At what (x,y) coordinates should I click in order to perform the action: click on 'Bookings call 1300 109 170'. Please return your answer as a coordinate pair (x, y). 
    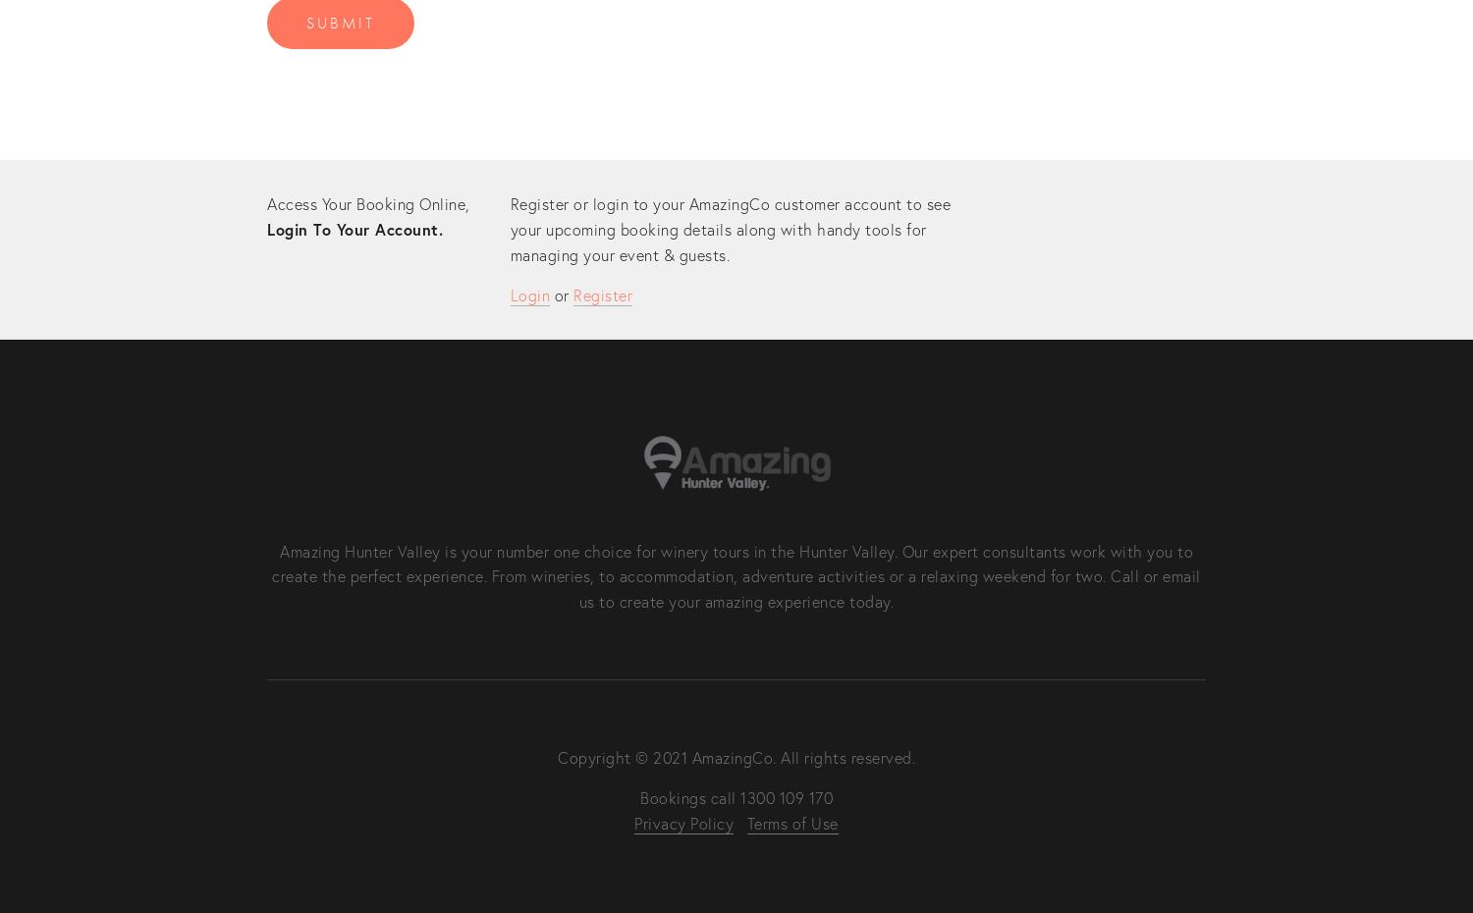
    Looking at the image, I should click on (736, 796).